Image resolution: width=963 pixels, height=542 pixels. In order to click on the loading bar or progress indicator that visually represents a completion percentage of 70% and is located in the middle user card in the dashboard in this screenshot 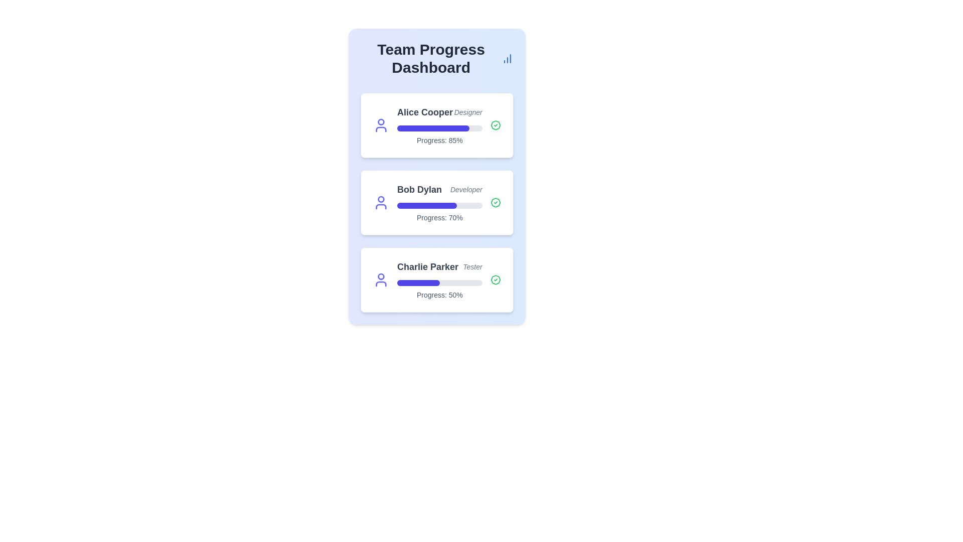, I will do `click(427, 205)`.